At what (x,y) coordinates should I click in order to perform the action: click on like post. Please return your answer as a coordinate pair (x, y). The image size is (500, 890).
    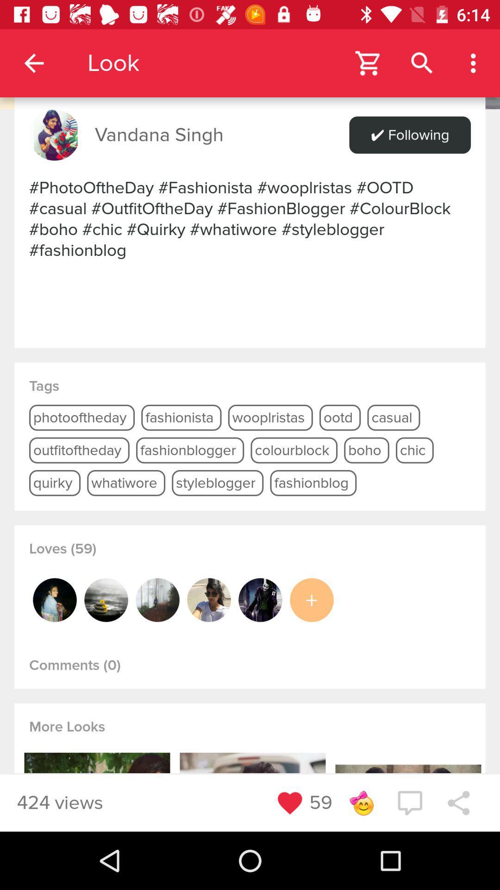
    Looking at the image, I should click on (289, 802).